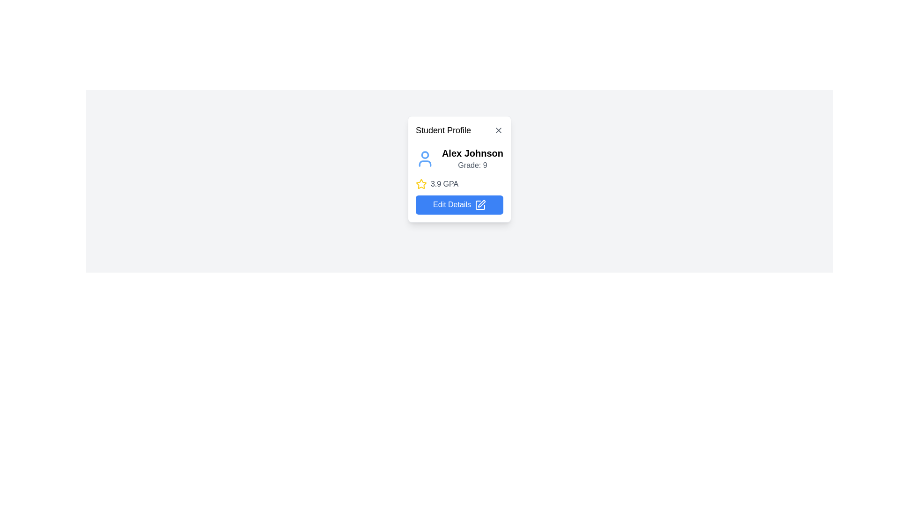  I want to click on the pen-shaped icon located at the bottom section of the visible card layout, which is positioned at the far right of the blue 'Edit Details' button, so click(481, 203).